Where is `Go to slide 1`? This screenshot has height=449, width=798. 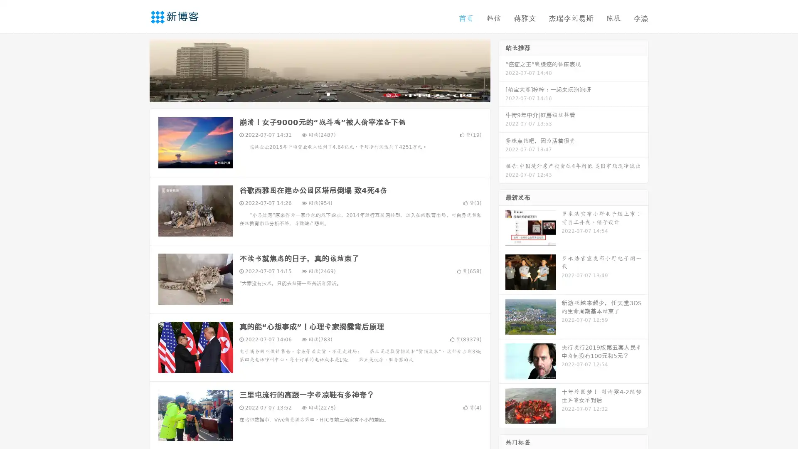
Go to slide 1 is located at coordinates (311, 94).